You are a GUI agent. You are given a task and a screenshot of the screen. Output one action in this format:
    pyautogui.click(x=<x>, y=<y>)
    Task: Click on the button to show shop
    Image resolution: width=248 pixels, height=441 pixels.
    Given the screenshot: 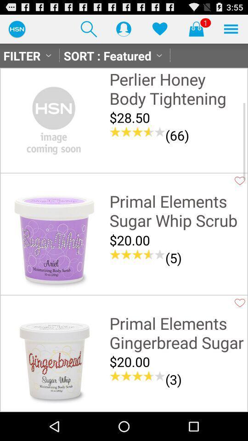 What is the action you would take?
    pyautogui.click(x=196, y=28)
    